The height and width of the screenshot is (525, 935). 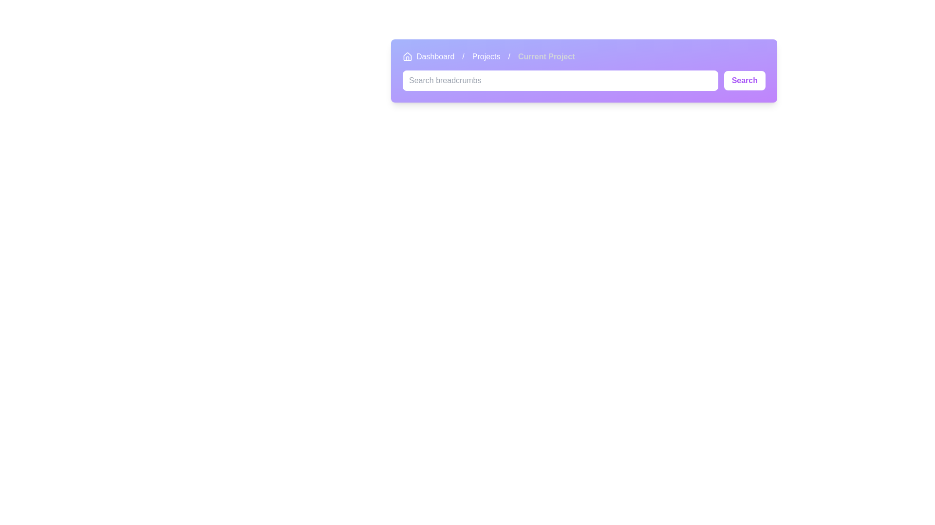 I want to click on the breadcrumb navigation area of the composite navigation and action bar, which is visually characterized by its gradient background and includes a search input field and button, so click(x=584, y=70).